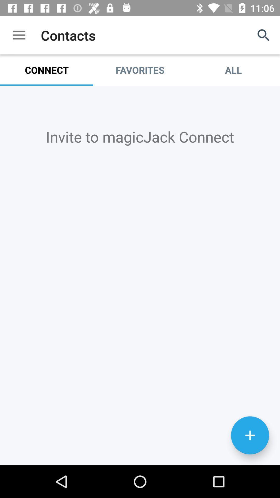 The image size is (280, 498). What do you see at coordinates (250, 435) in the screenshot?
I see `the icon at the bottom right corner` at bounding box center [250, 435].